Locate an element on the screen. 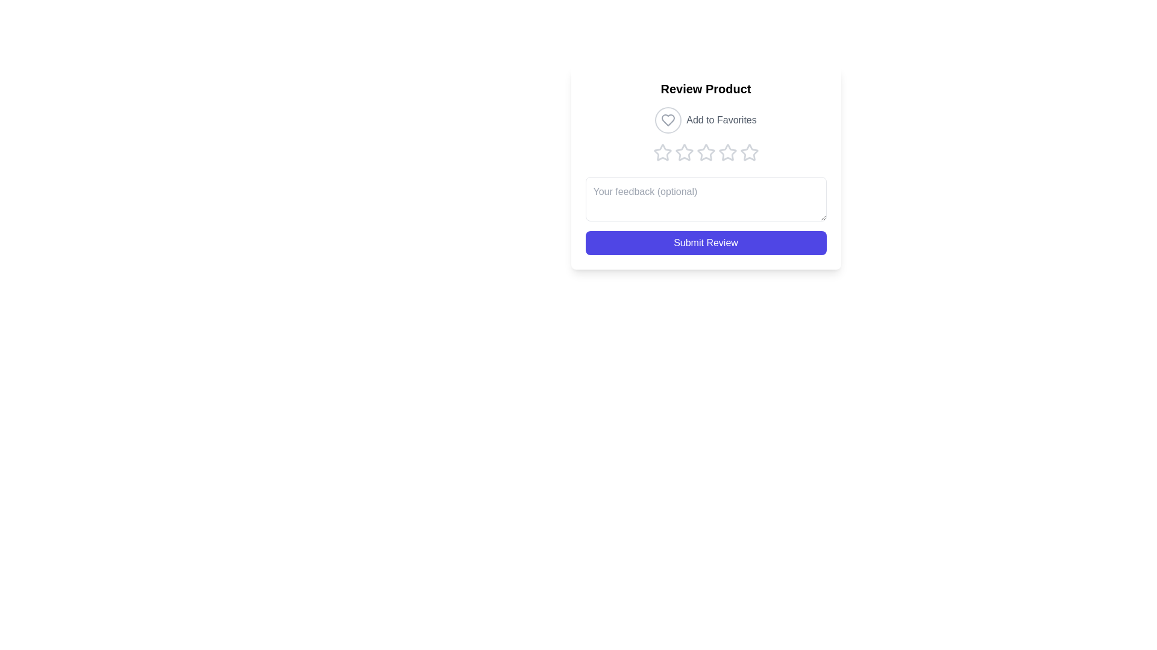 This screenshot has height=650, width=1157. the third star icon in the rating component is located at coordinates (727, 152).